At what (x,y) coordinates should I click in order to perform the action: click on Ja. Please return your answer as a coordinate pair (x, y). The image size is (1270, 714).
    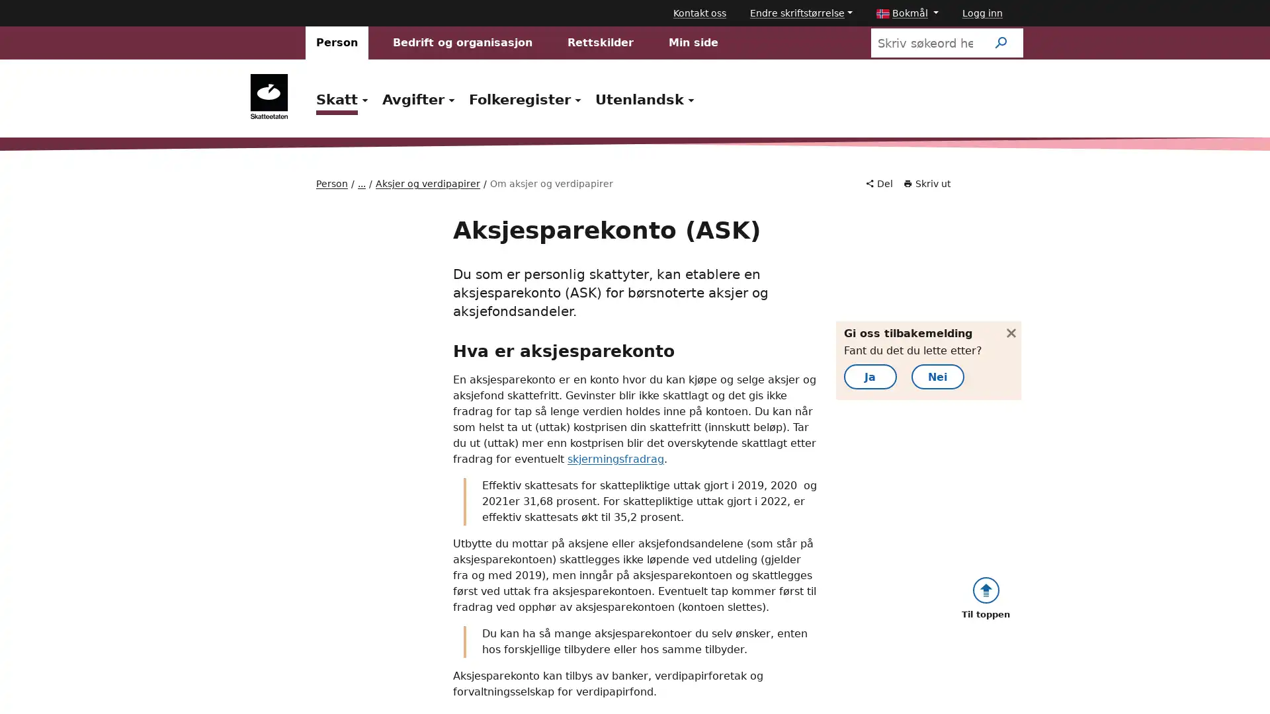
    Looking at the image, I should click on (891, 389).